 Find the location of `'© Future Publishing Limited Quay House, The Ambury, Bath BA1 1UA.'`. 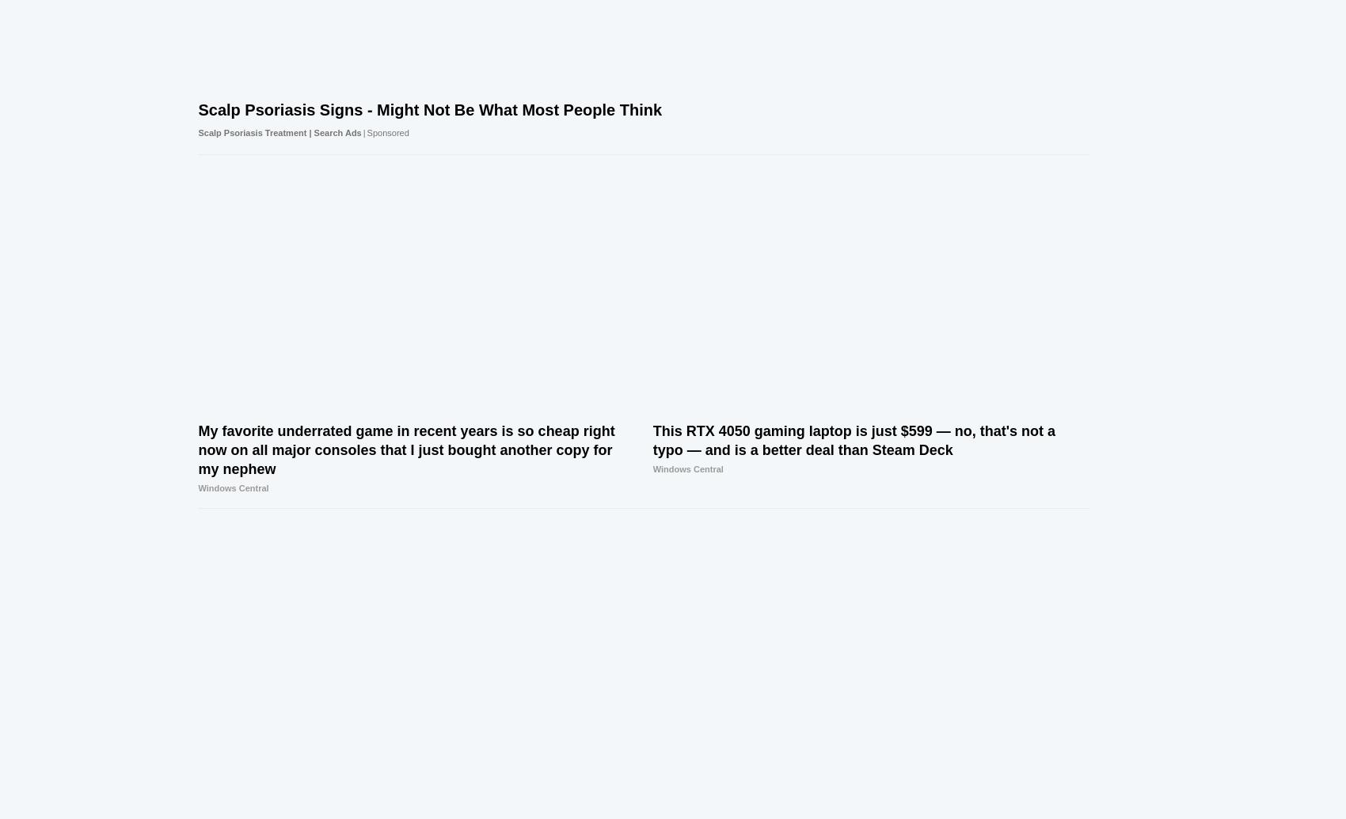

'© Future Publishing Limited Quay House, The Ambury, Bath BA1 1UA.' is located at coordinates (403, 703).